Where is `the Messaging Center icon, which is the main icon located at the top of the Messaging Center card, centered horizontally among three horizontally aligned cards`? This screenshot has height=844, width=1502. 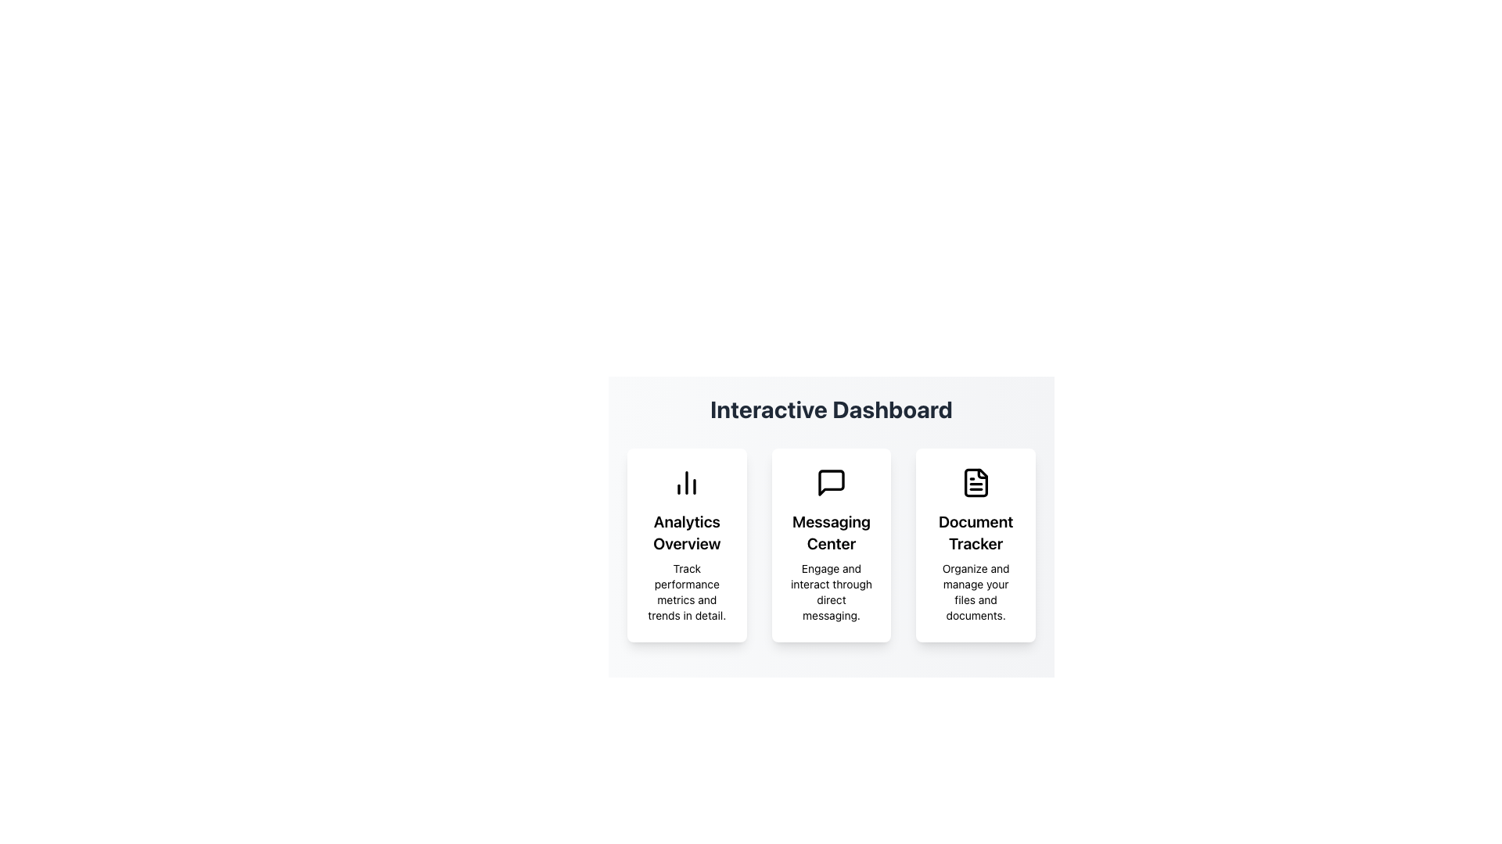
the Messaging Center icon, which is the main icon located at the top of the Messaging Center card, centered horizontally among three horizontally aligned cards is located at coordinates (830, 481).